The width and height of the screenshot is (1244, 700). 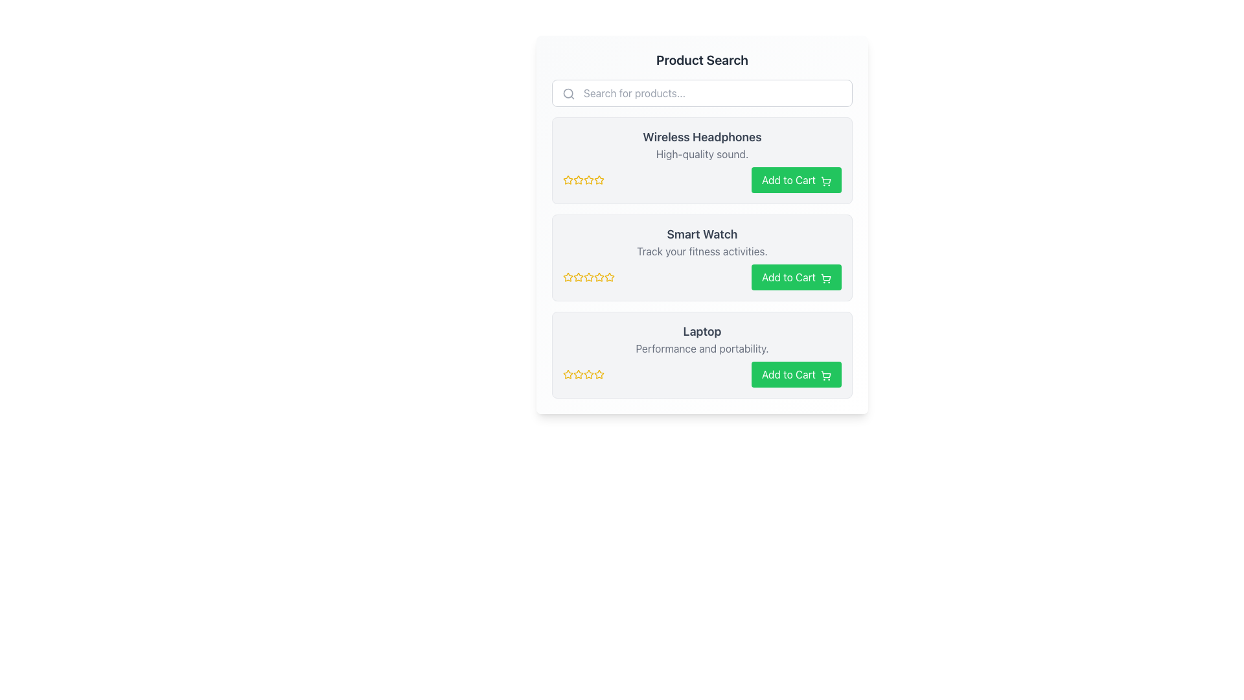 What do you see at coordinates (568, 375) in the screenshot?
I see `the second Rating Star Icon for the 'Laptop' item` at bounding box center [568, 375].